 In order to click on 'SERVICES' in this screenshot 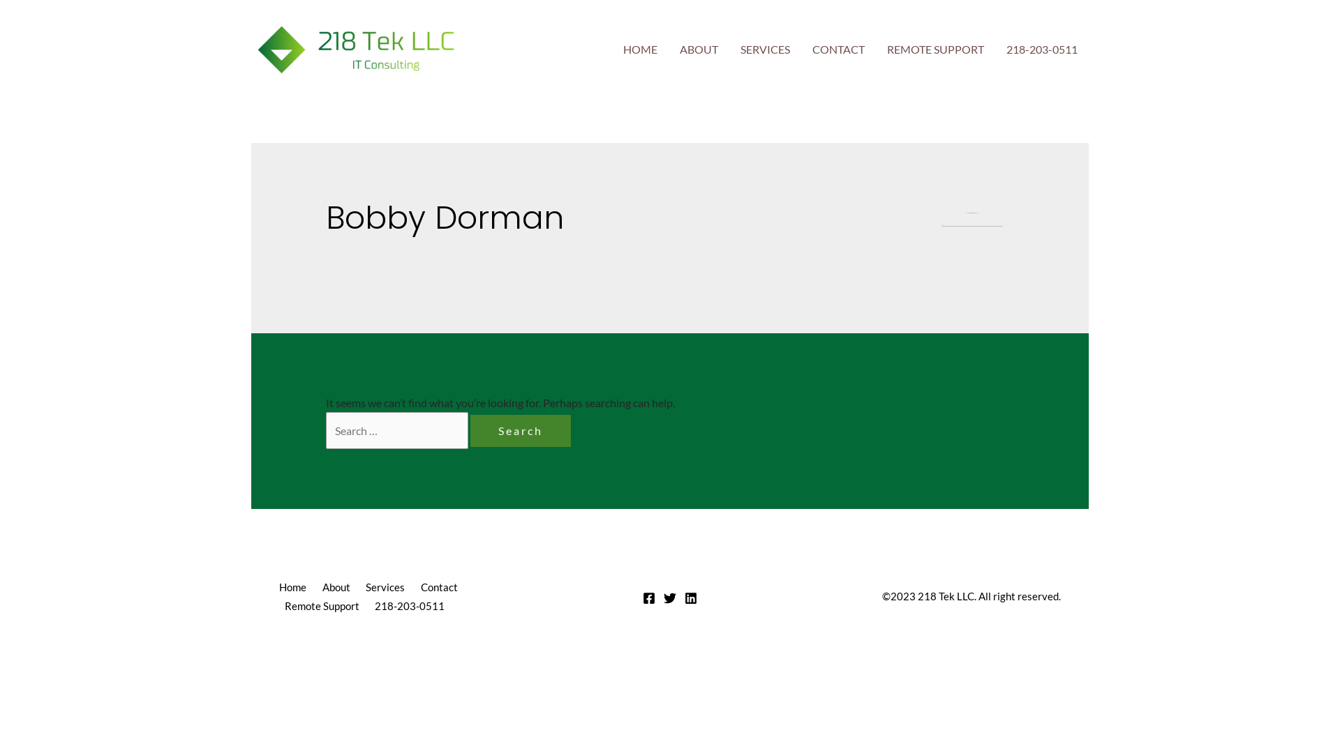, I will do `click(764, 47)`.